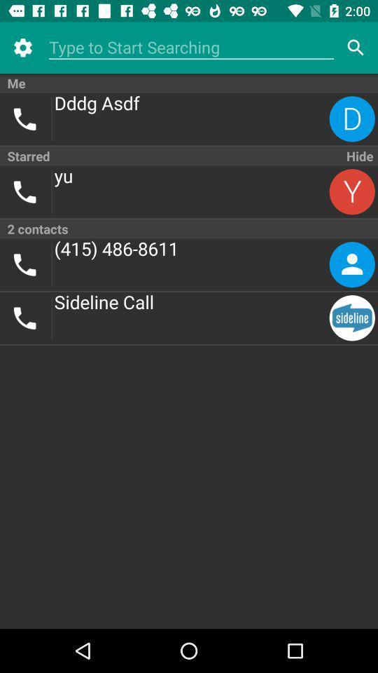 The width and height of the screenshot is (378, 673). I want to click on the search icon, so click(356, 48).